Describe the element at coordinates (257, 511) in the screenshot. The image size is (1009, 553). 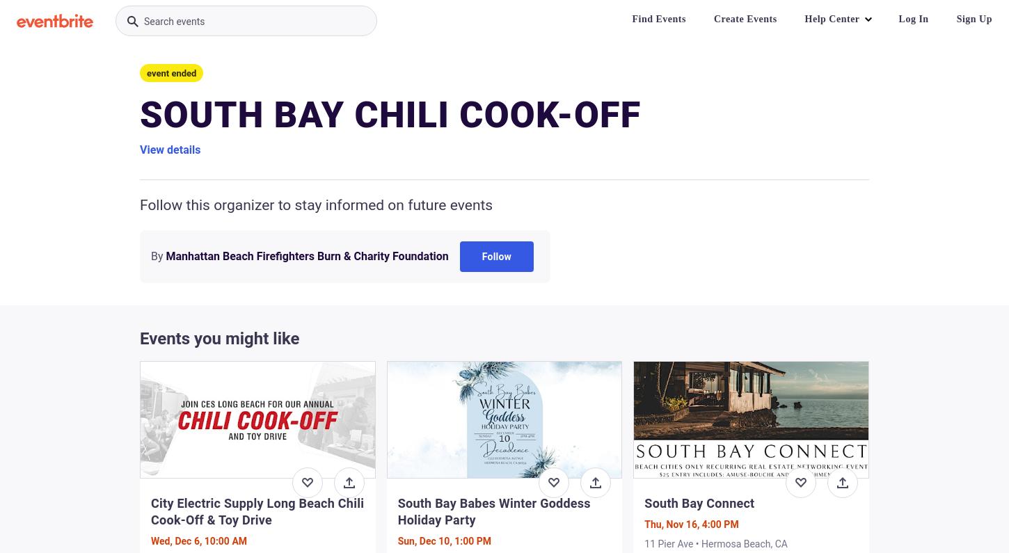
I see `'City Electric Supply Long Beach Chili Cook-Off & Toy Drive'` at that location.